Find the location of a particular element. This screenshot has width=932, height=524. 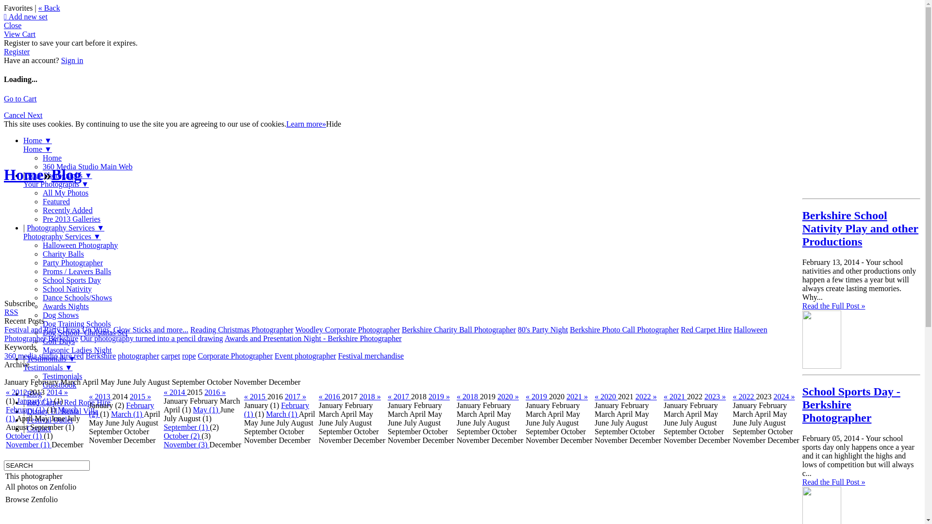

'This photographer' is located at coordinates (40, 476).